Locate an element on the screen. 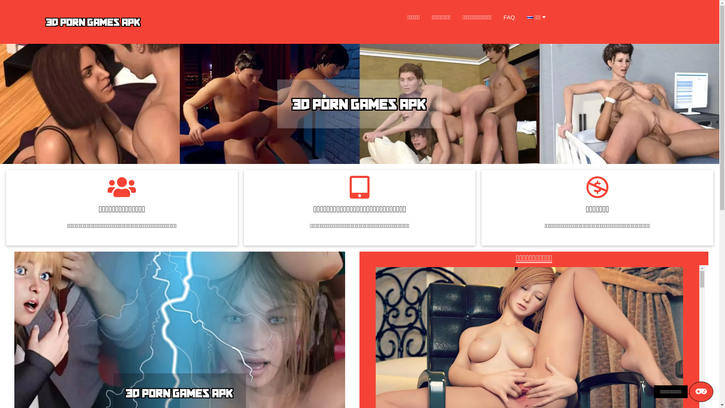 The width and height of the screenshot is (725, 408). 'FAQ' is located at coordinates (509, 17).